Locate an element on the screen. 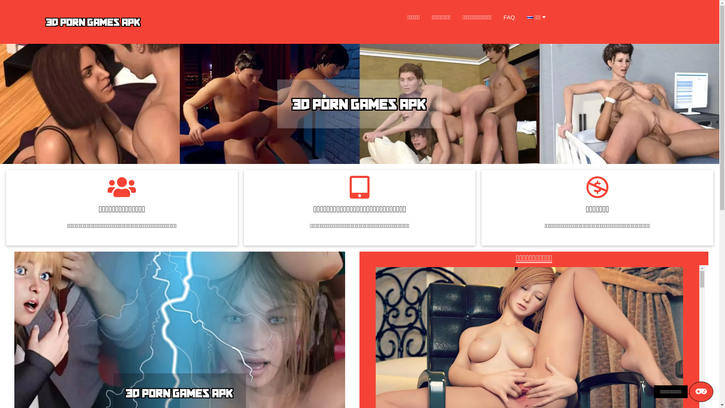 The width and height of the screenshot is (725, 408). 'FAQ' is located at coordinates (509, 17).